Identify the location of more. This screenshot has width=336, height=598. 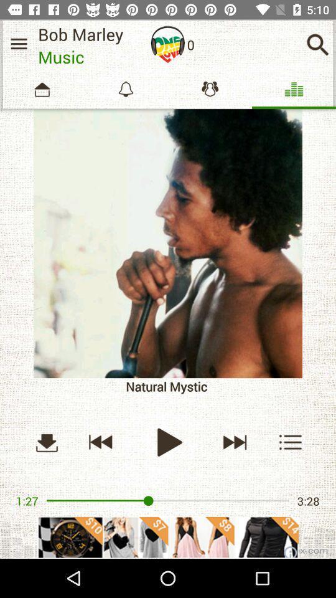
(168, 243).